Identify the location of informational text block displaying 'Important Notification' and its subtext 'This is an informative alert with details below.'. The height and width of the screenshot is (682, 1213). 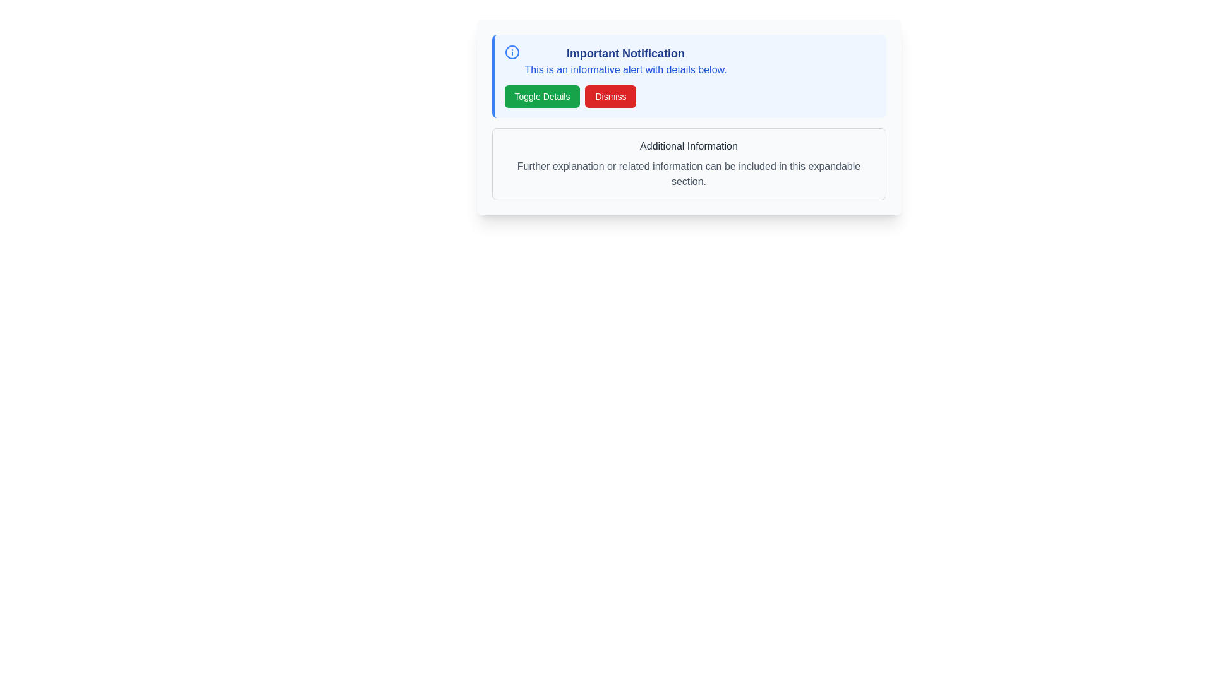
(625, 61).